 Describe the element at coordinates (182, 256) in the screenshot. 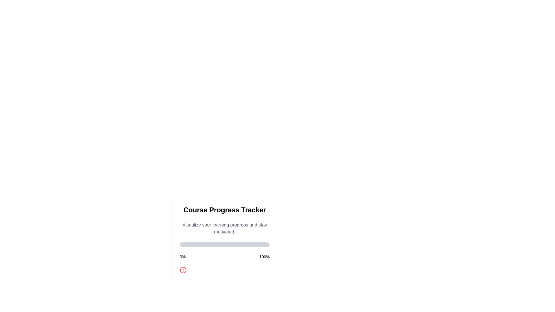

I see `the static text displaying '0%' which is styled as a percentage indicator and located to the left of the progress bar near the bottom of the interface` at that location.